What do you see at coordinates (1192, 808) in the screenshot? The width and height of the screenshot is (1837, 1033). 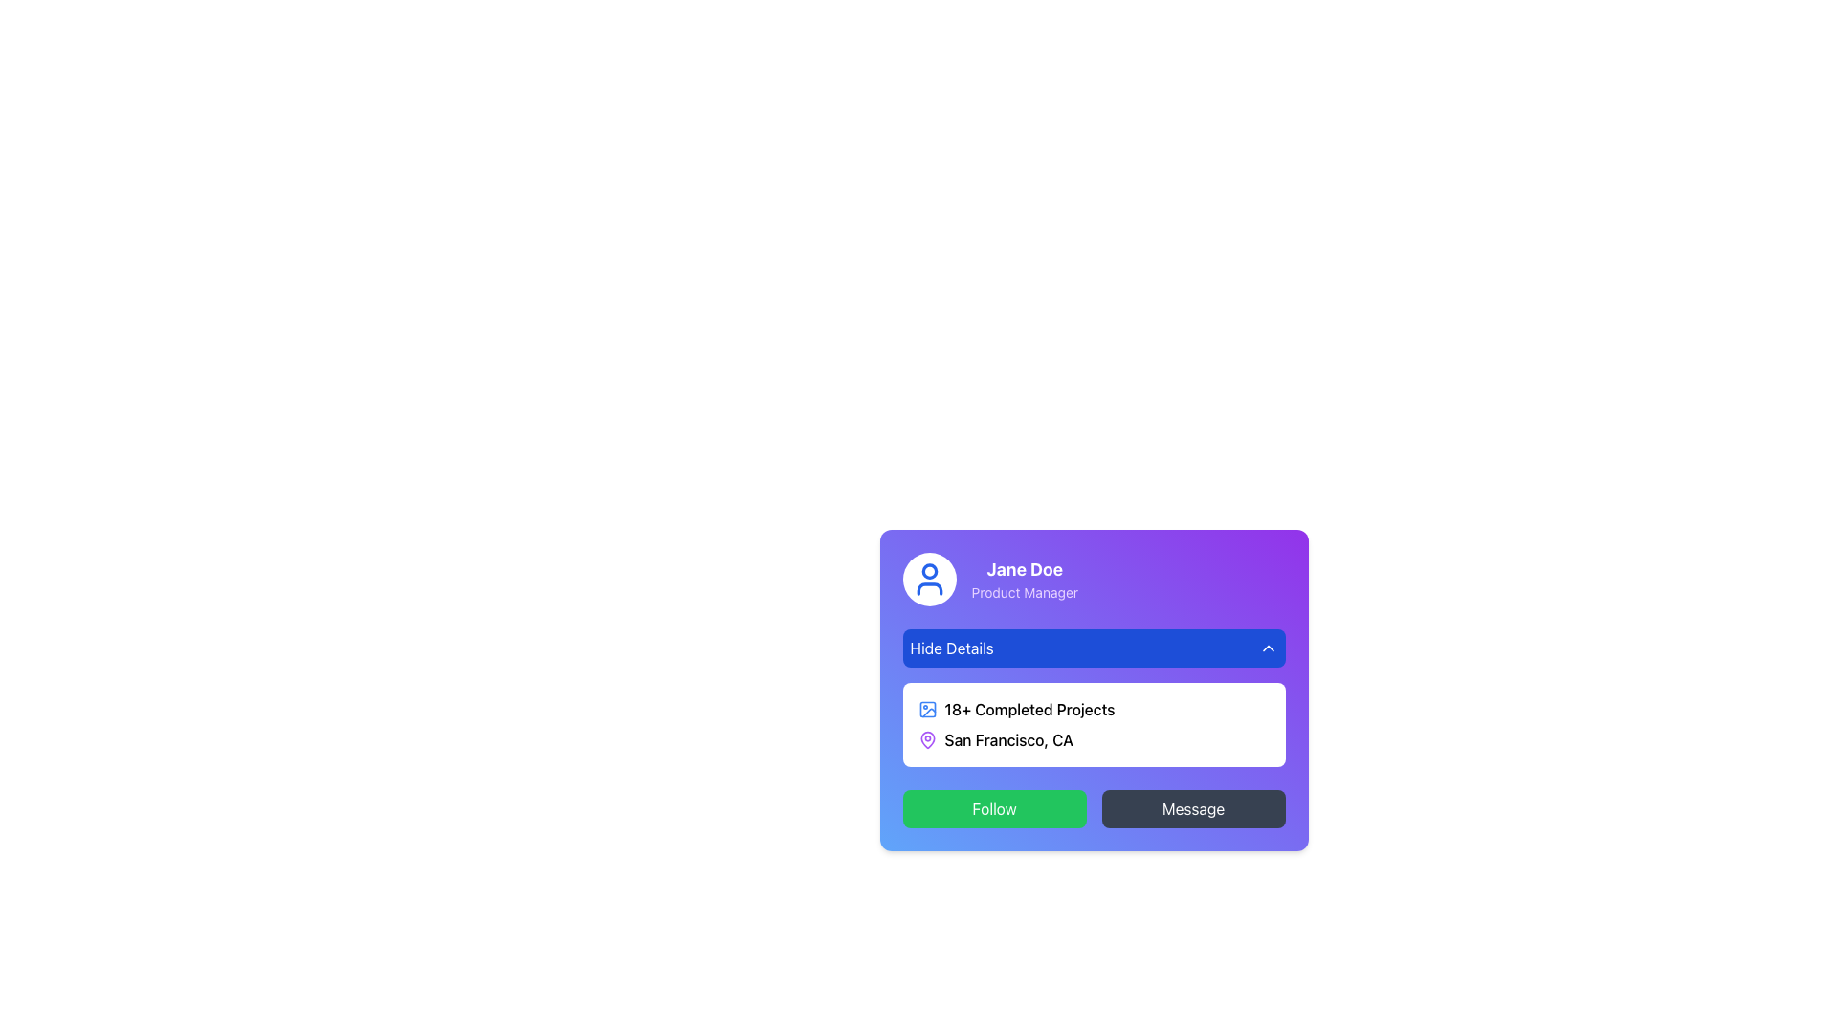 I see `the message sending button located to the right of the 'Follow' button in the bottom-right portion of the interface` at bounding box center [1192, 808].